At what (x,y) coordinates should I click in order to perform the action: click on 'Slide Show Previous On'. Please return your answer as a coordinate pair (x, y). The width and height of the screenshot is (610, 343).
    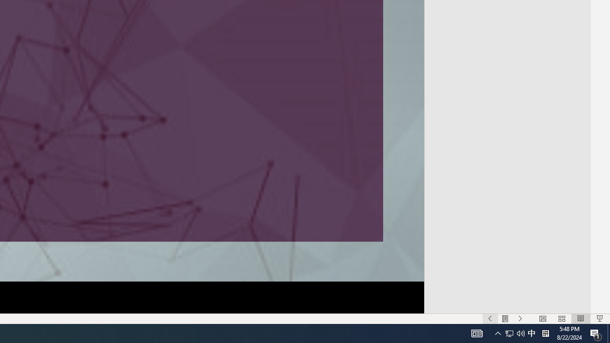
    Looking at the image, I should click on (490, 319).